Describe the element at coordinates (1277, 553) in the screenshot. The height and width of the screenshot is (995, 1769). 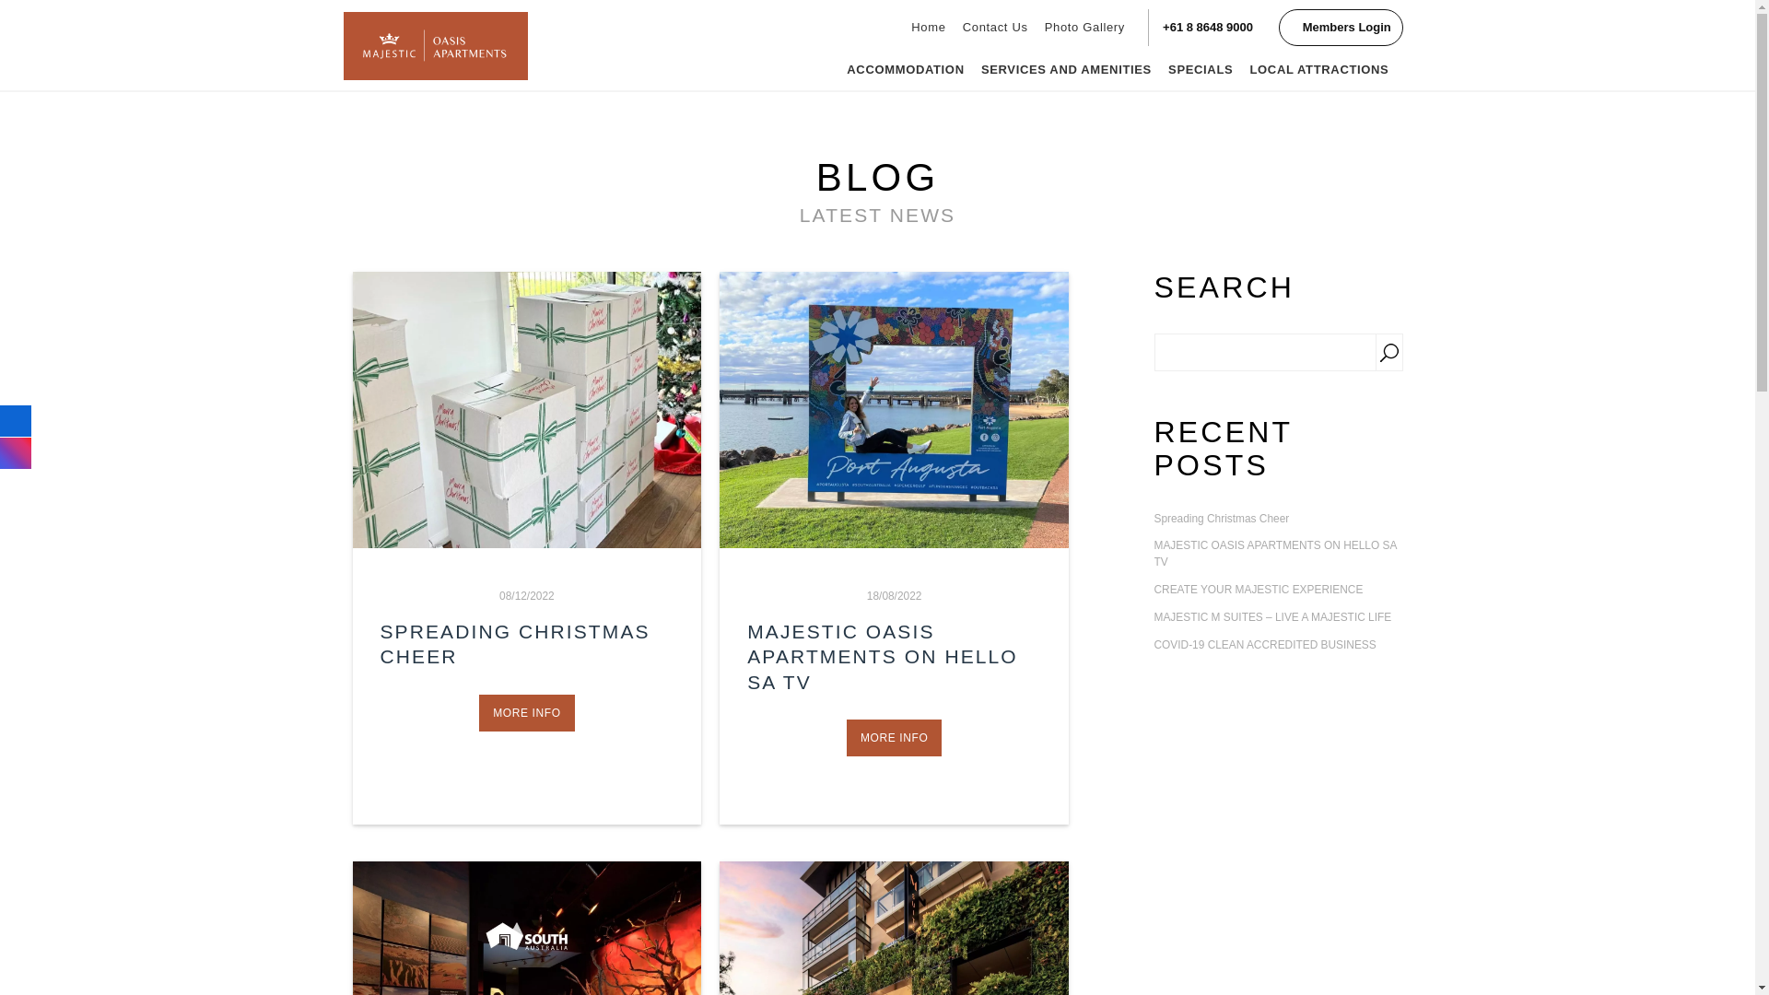
I see `'MAJESTIC OASIS APARTMENTS ON HELLO SA TV'` at that location.